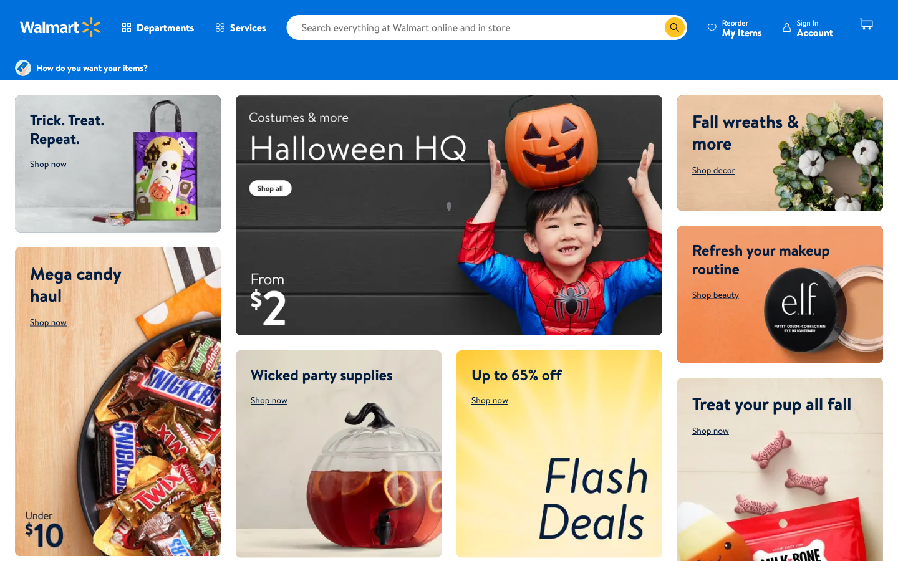  What do you see at coordinates (558, 453) in the screenshot?
I see `the Flash Deals offerings` at bounding box center [558, 453].